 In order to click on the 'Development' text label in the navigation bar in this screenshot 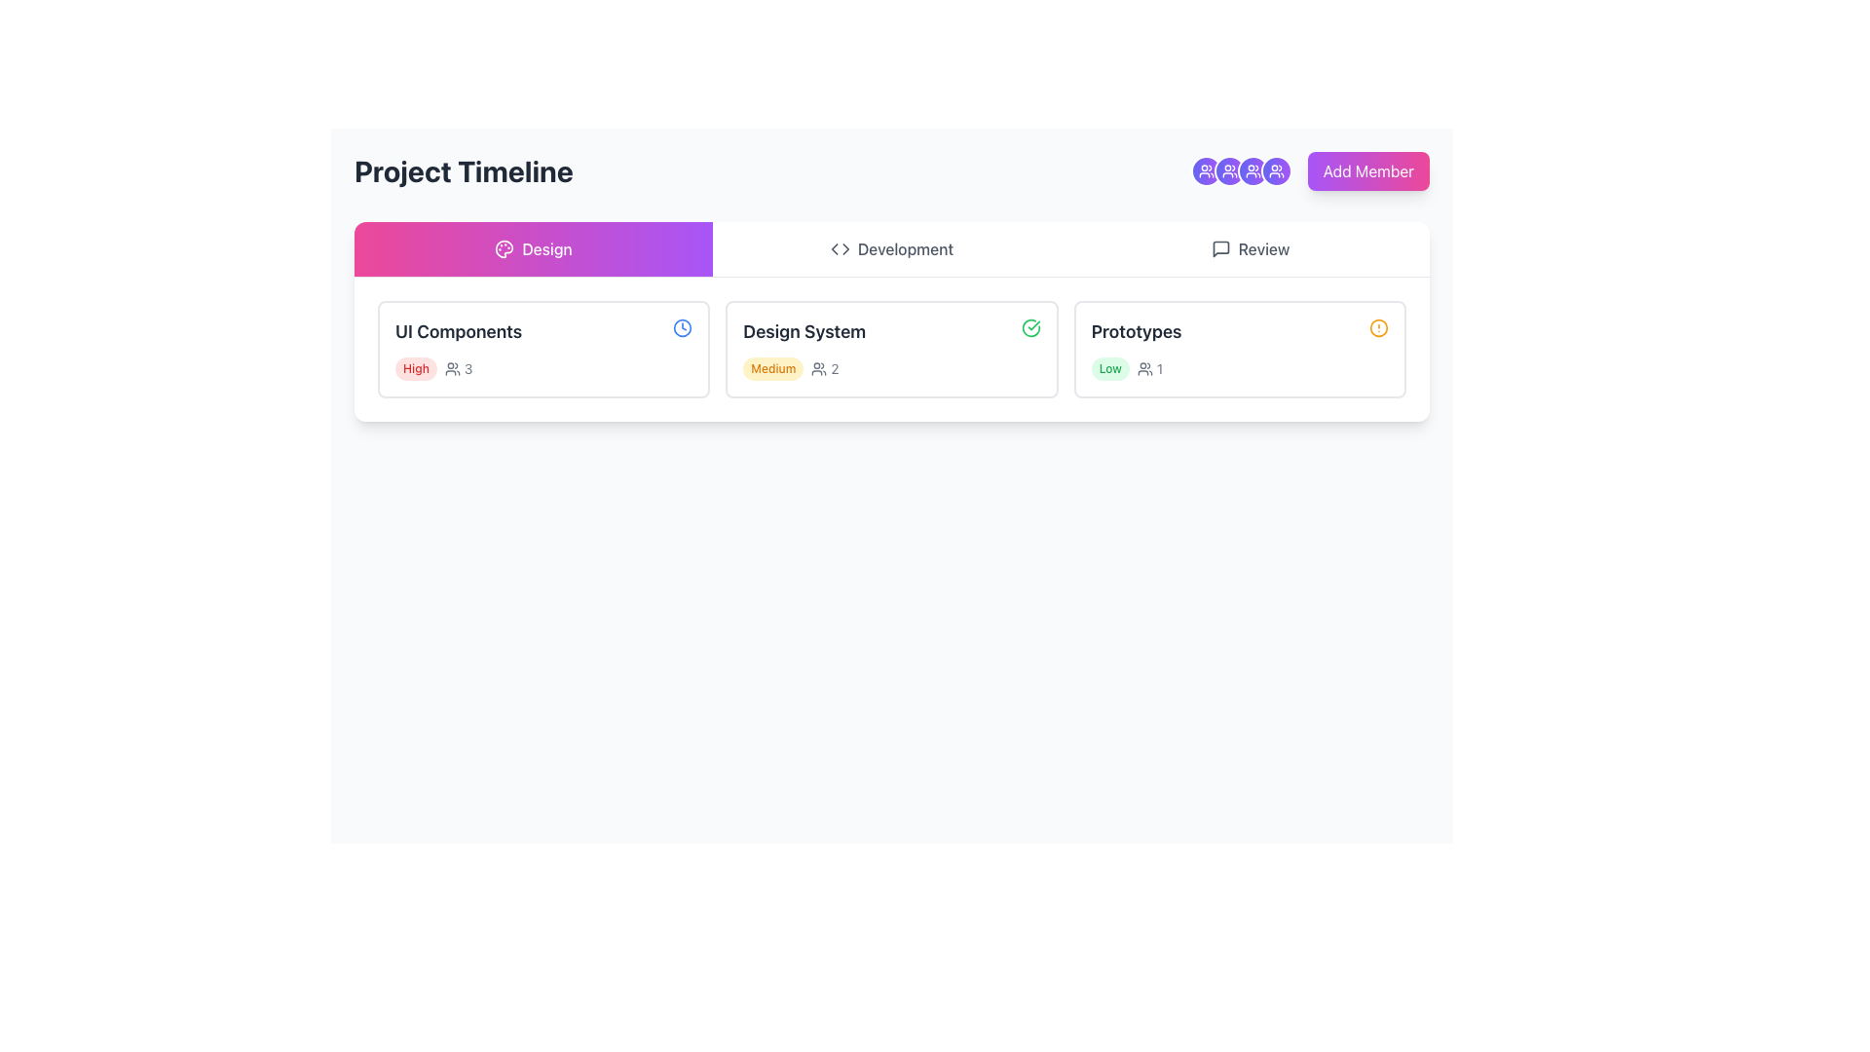, I will do `click(905, 247)`.